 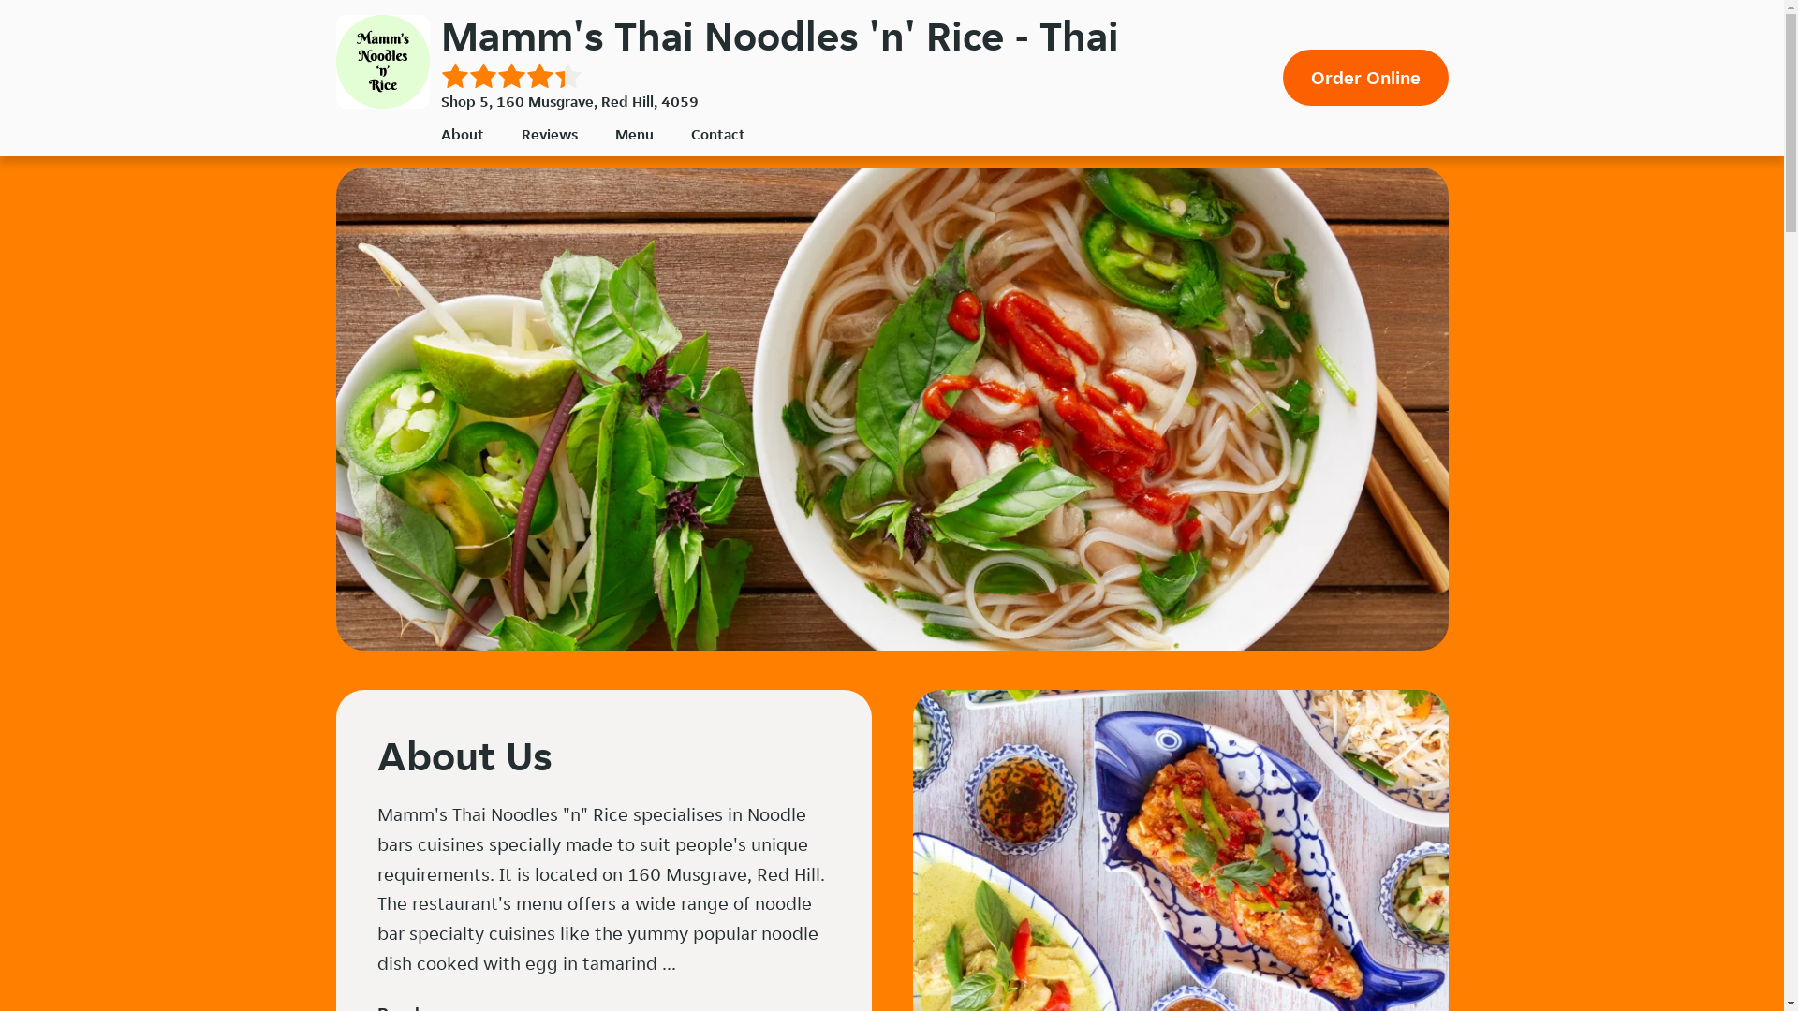 I want to click on 'Reviews', so click(x=547, y=133).